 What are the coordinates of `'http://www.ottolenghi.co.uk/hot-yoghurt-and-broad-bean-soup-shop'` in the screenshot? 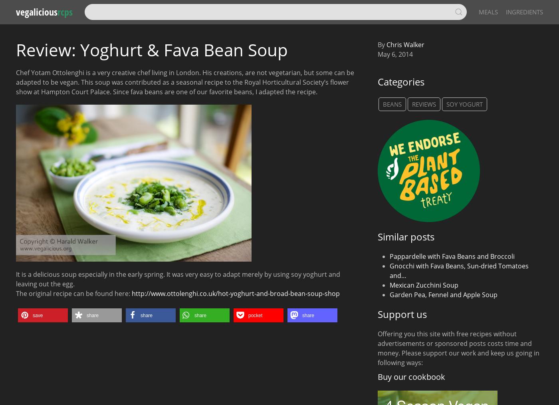 It's located at (236, 293).